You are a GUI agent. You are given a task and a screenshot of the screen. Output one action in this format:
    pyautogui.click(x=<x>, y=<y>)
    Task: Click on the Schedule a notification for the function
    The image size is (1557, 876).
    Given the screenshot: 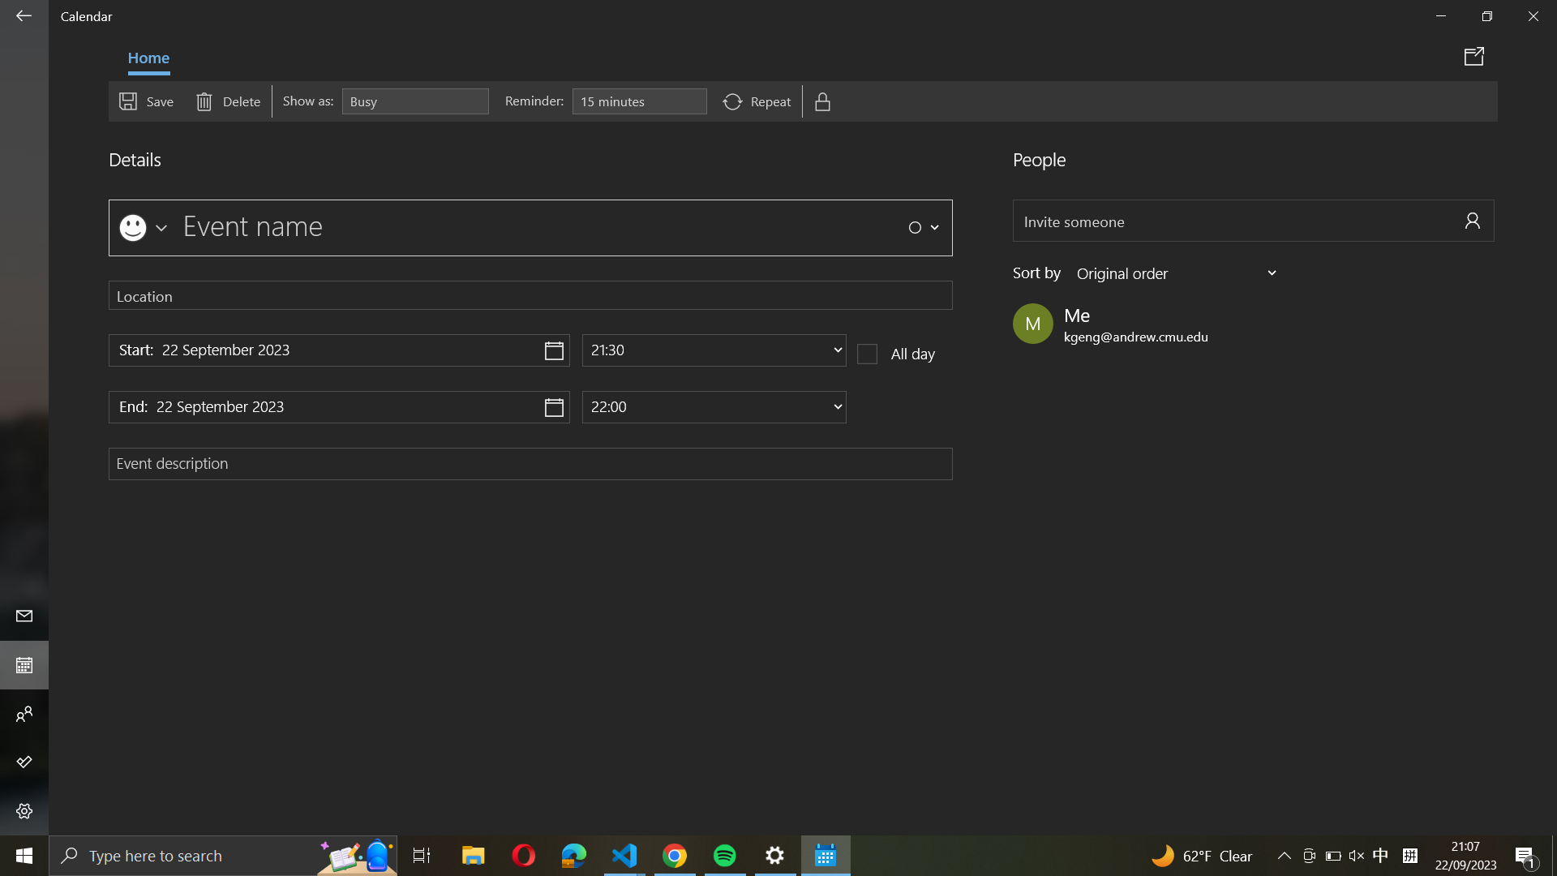 What is the action you would take?
    pyautogui.click(x=638, y=101)
    